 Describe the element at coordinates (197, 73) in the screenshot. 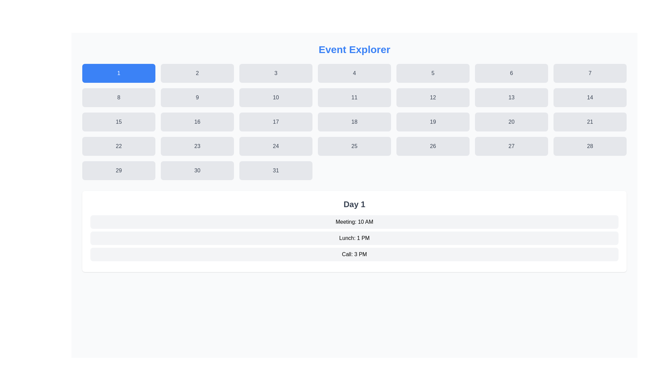

I see `the second button` at that location.